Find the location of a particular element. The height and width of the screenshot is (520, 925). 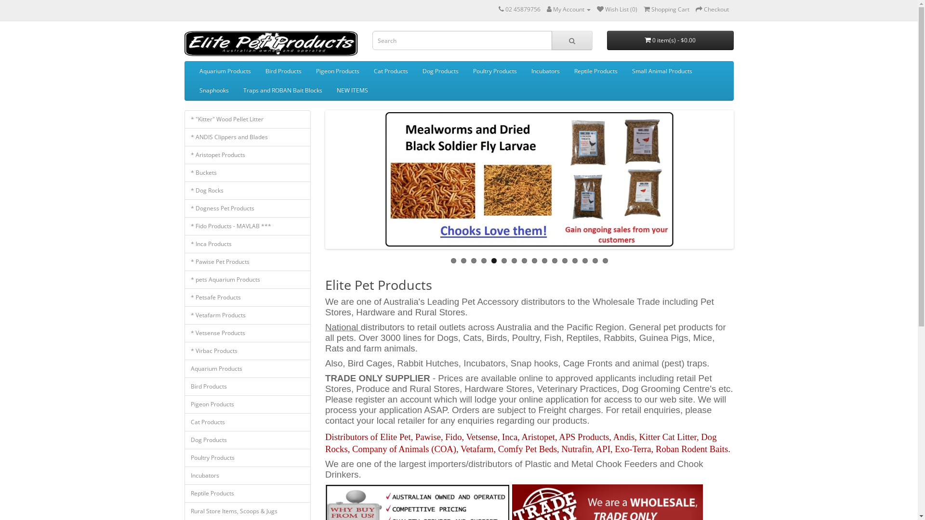

'* Buckets' is located at coordinates (184, 172).